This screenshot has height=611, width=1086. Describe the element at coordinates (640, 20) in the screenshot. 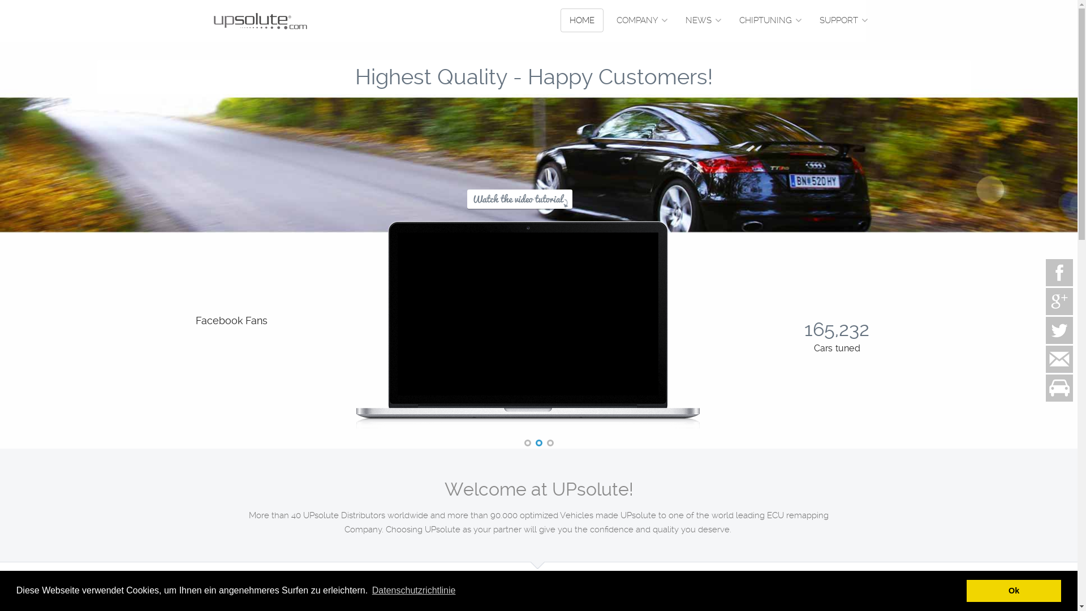

I see `'COMPANY'` at that location.